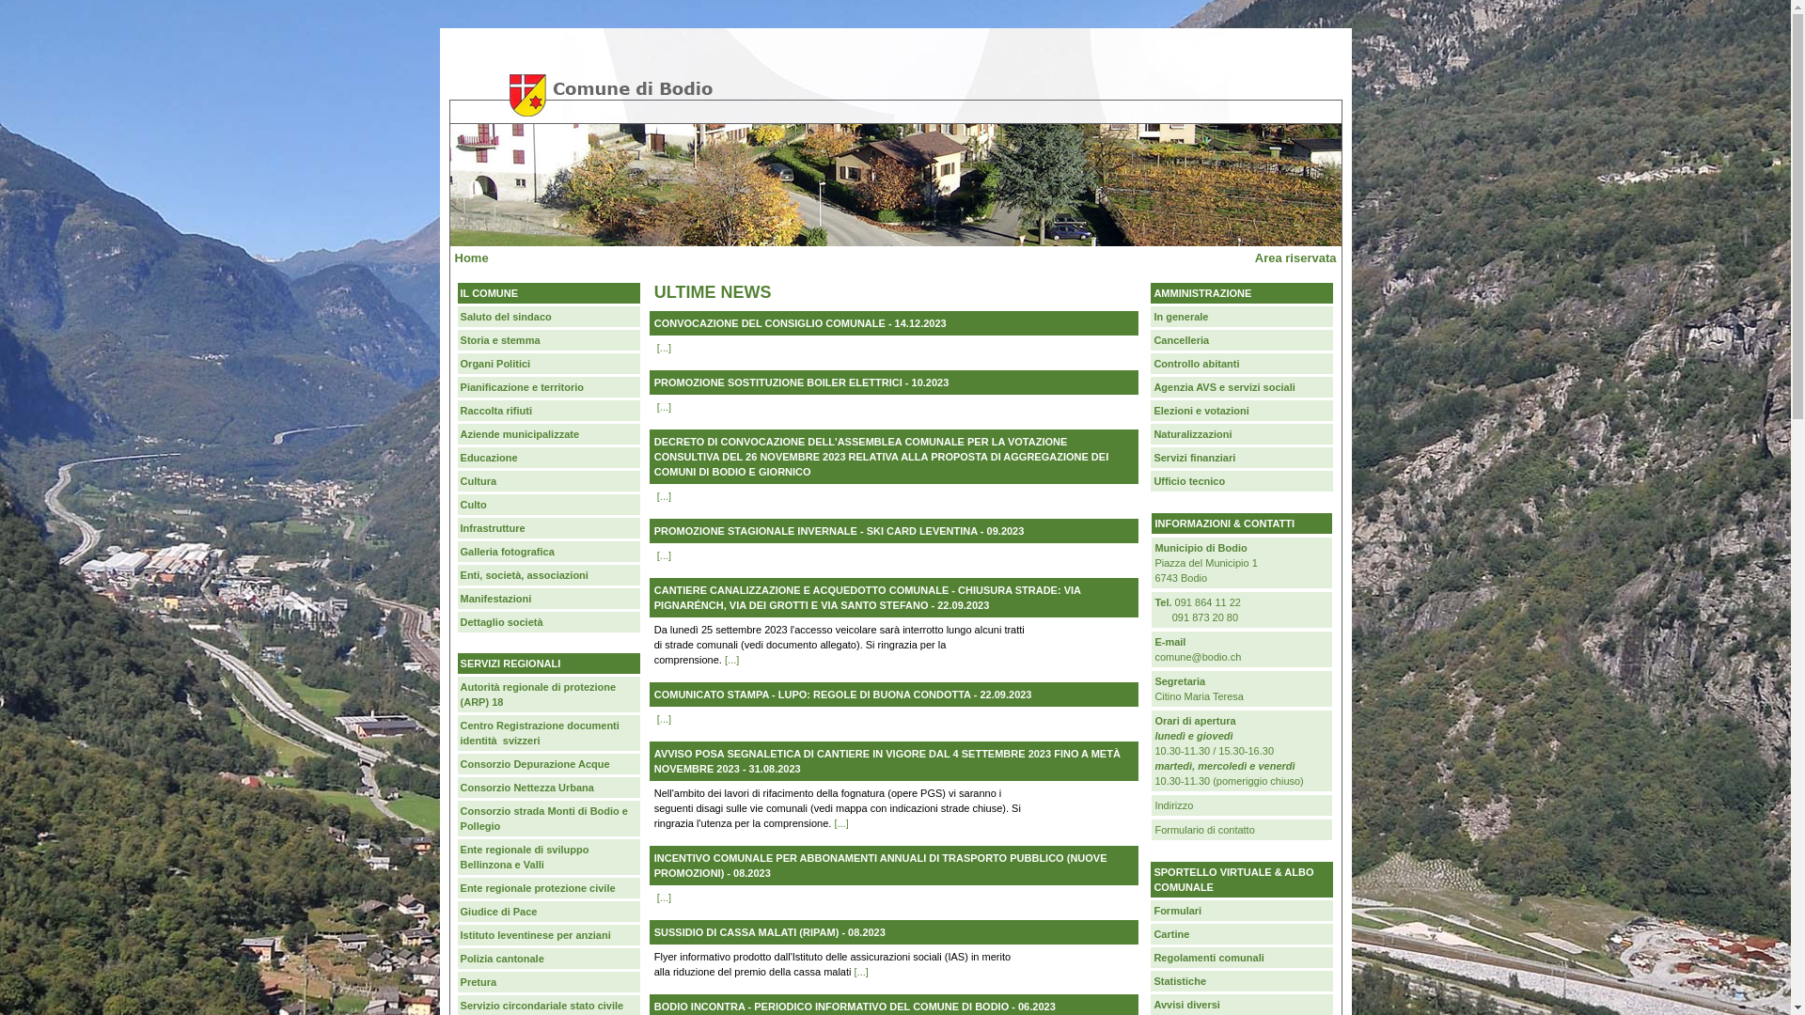  What do you see at coordinates (548, 315) in the screenshot?
I see `'Saluto del sindaco'` at bounding box center [548, 315].